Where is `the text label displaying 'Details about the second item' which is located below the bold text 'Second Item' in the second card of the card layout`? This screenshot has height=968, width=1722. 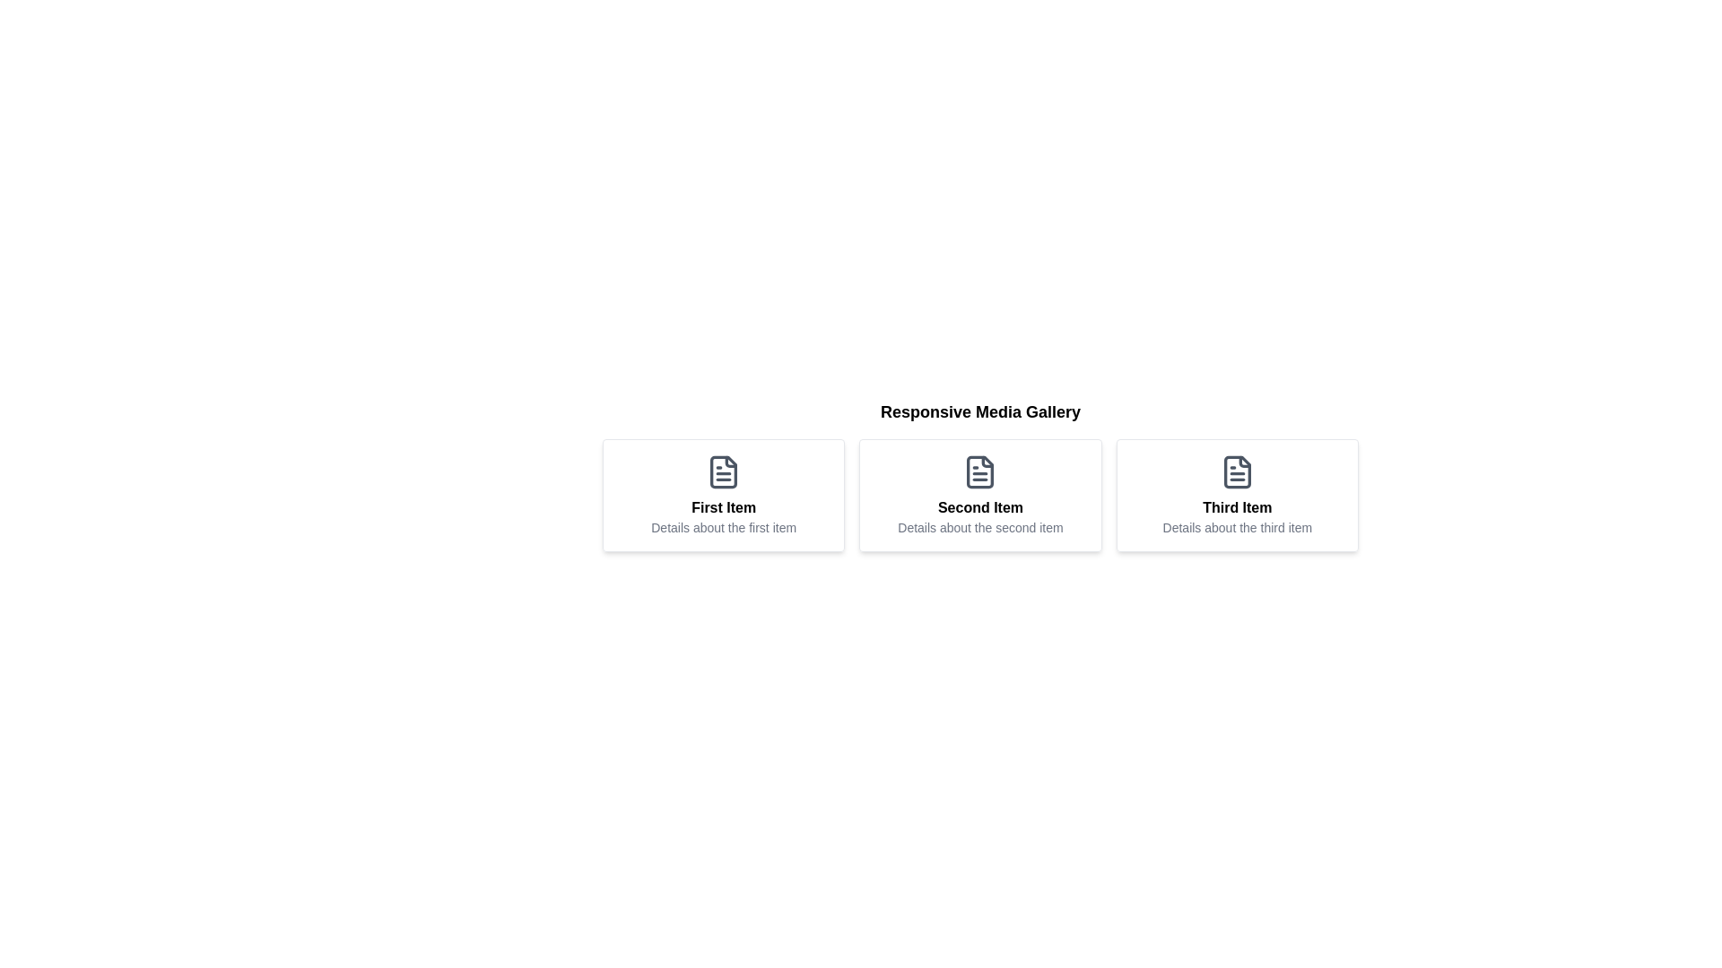 the text label displaying 'Details about the second item' which is located below the bold text 'Second Item' in the second card of the card layout is located at coordinates (979, 527).